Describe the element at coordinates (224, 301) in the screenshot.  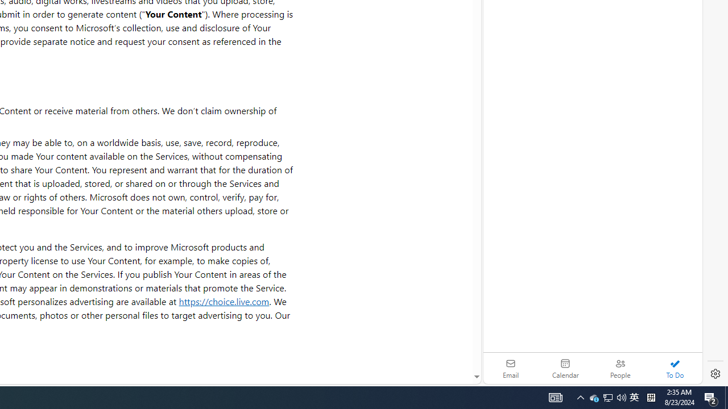
I see `'https://choice.live.com'` at that location.